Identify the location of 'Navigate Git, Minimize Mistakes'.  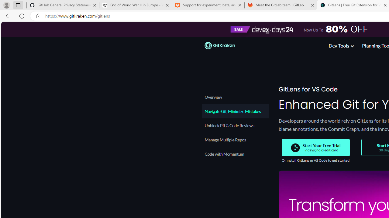
(235, 111).